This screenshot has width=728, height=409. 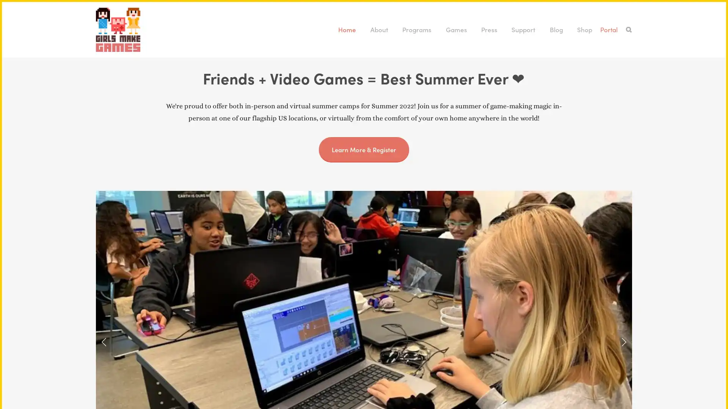 I want to click on Next Slide, so click(x=624, y=341).